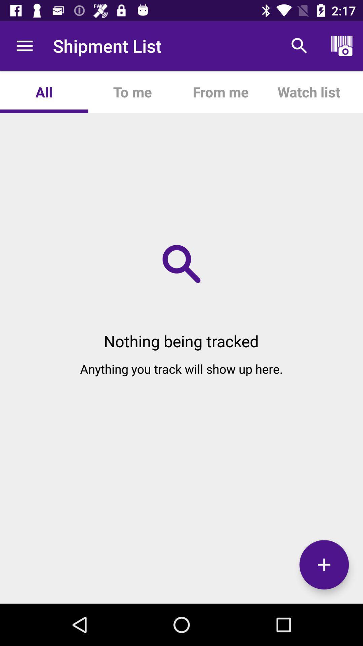 Image resolution: width=363 pixels, height=646 pixels. What do you see at coordinates (24, 45) in the screenshot?
I see `the app above all item` at bounding box center [24, 45].